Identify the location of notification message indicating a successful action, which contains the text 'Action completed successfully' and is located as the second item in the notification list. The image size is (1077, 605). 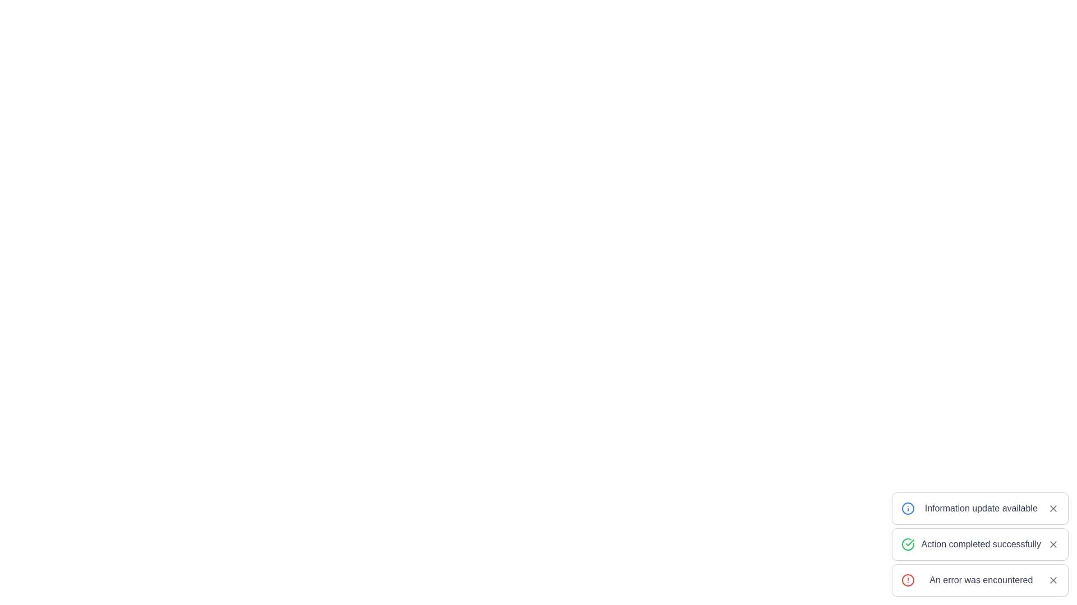
(979, 544).